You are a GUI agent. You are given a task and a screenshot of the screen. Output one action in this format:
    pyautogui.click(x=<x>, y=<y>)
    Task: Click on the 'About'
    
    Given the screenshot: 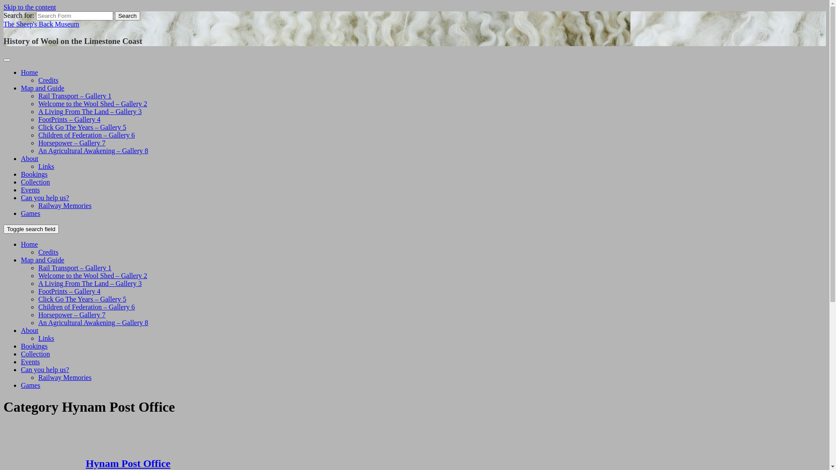 What is the action you would take?
    pyautogui.click(x=29, y=158)
    